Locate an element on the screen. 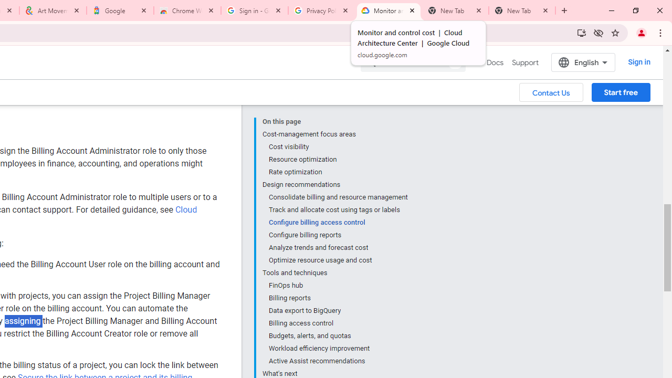  'Install Google Cloud' is located at coordinates (581, 32).